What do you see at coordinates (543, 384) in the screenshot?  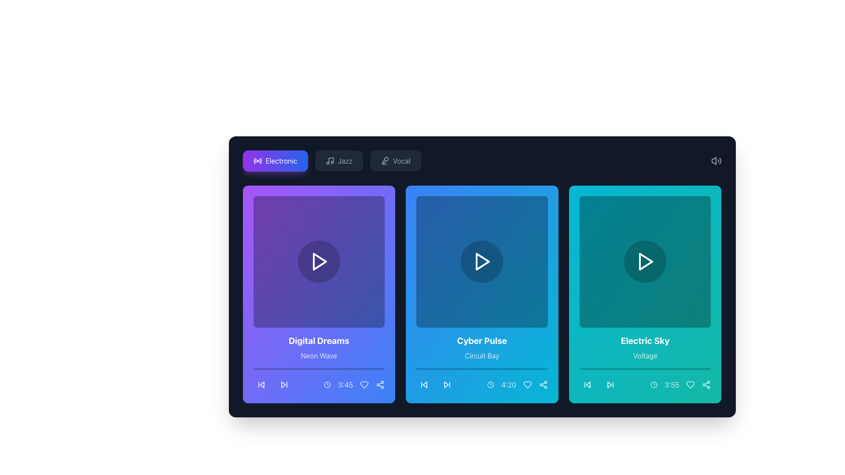 I see `the share icon button, which is a three-node network-like graphic with a white outline, located at the bottom-right corner of the 'Cyber Pulse' music card` at bounding box center [543, 384].